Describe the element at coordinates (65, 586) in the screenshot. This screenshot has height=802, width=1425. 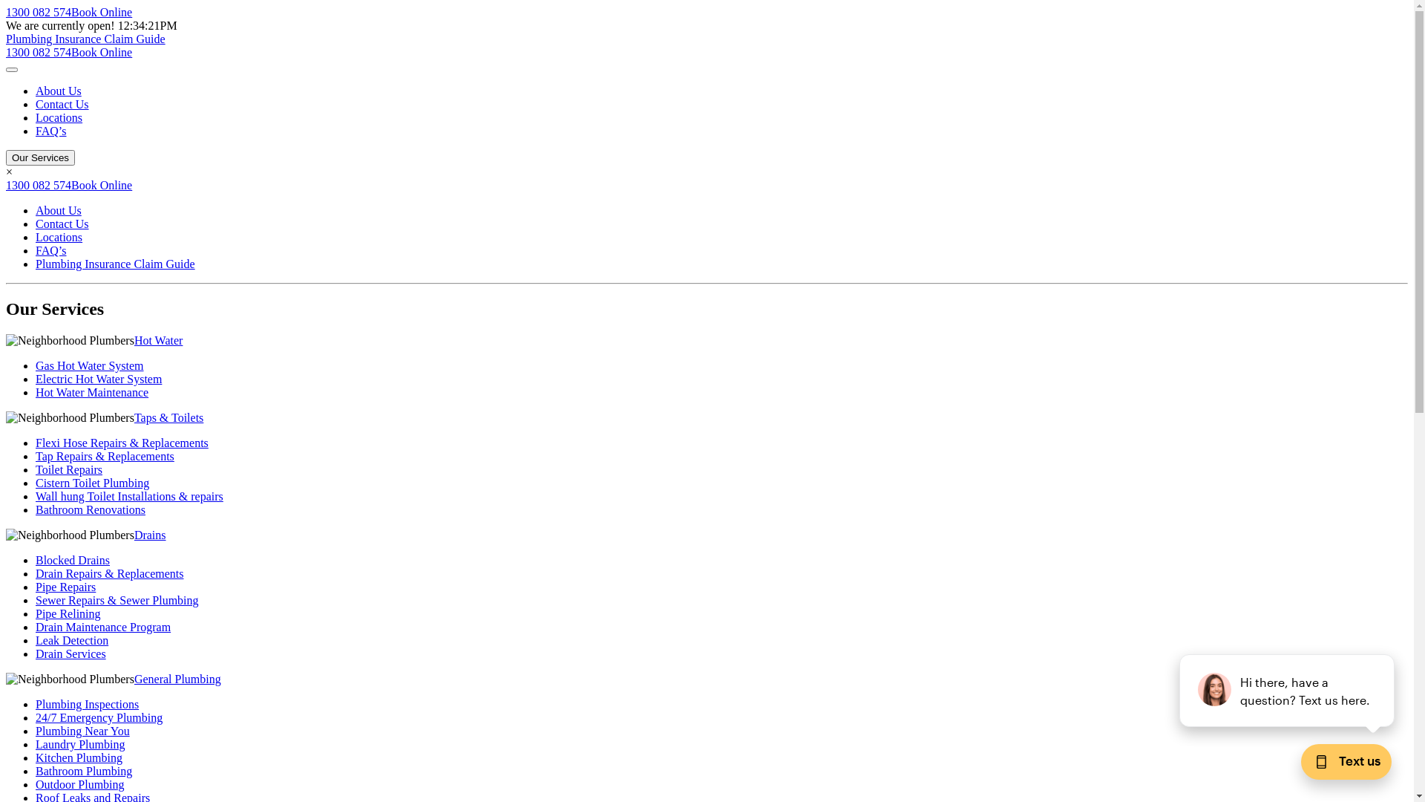
I see `'Pipe Repairs'` at that location.